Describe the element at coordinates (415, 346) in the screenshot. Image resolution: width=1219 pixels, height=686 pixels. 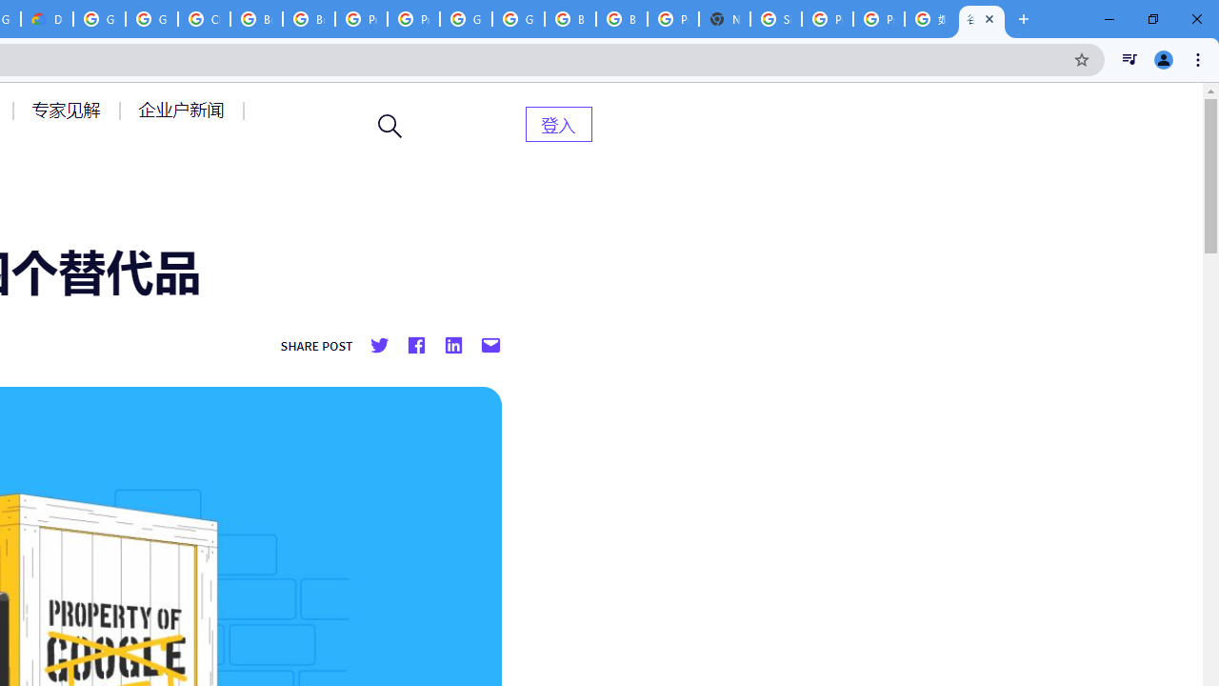
I see `'Share on facebook'` at that location.